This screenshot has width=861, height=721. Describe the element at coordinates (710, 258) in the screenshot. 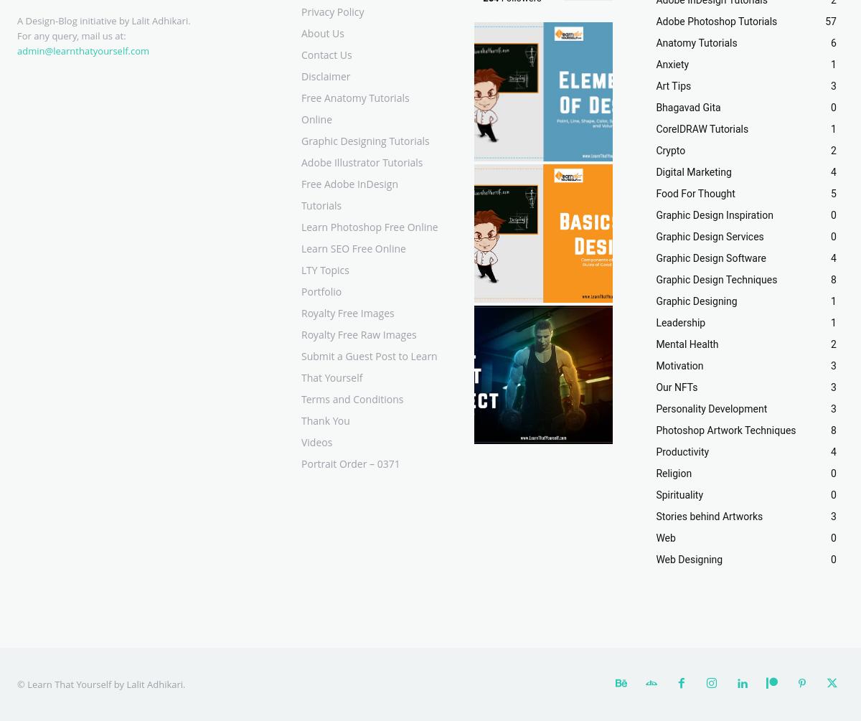

I see `'Graphic Design Software'` at that location.